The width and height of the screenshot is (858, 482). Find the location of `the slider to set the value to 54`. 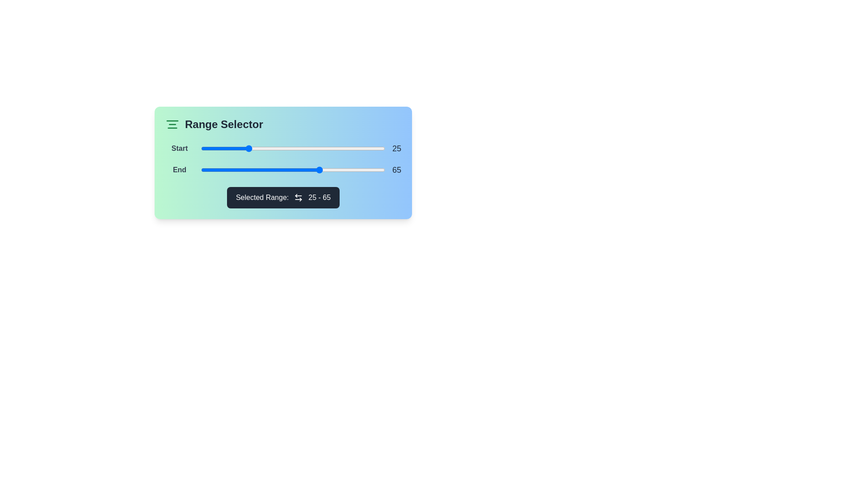

the slider to set the value to 54 is located at coordinates (300, 148).